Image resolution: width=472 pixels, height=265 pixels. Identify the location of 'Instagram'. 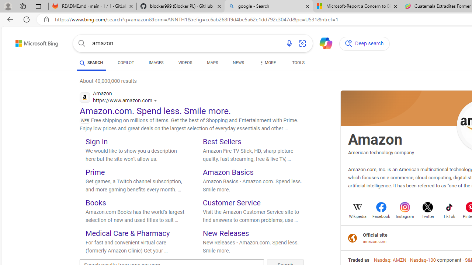
(405, 215).